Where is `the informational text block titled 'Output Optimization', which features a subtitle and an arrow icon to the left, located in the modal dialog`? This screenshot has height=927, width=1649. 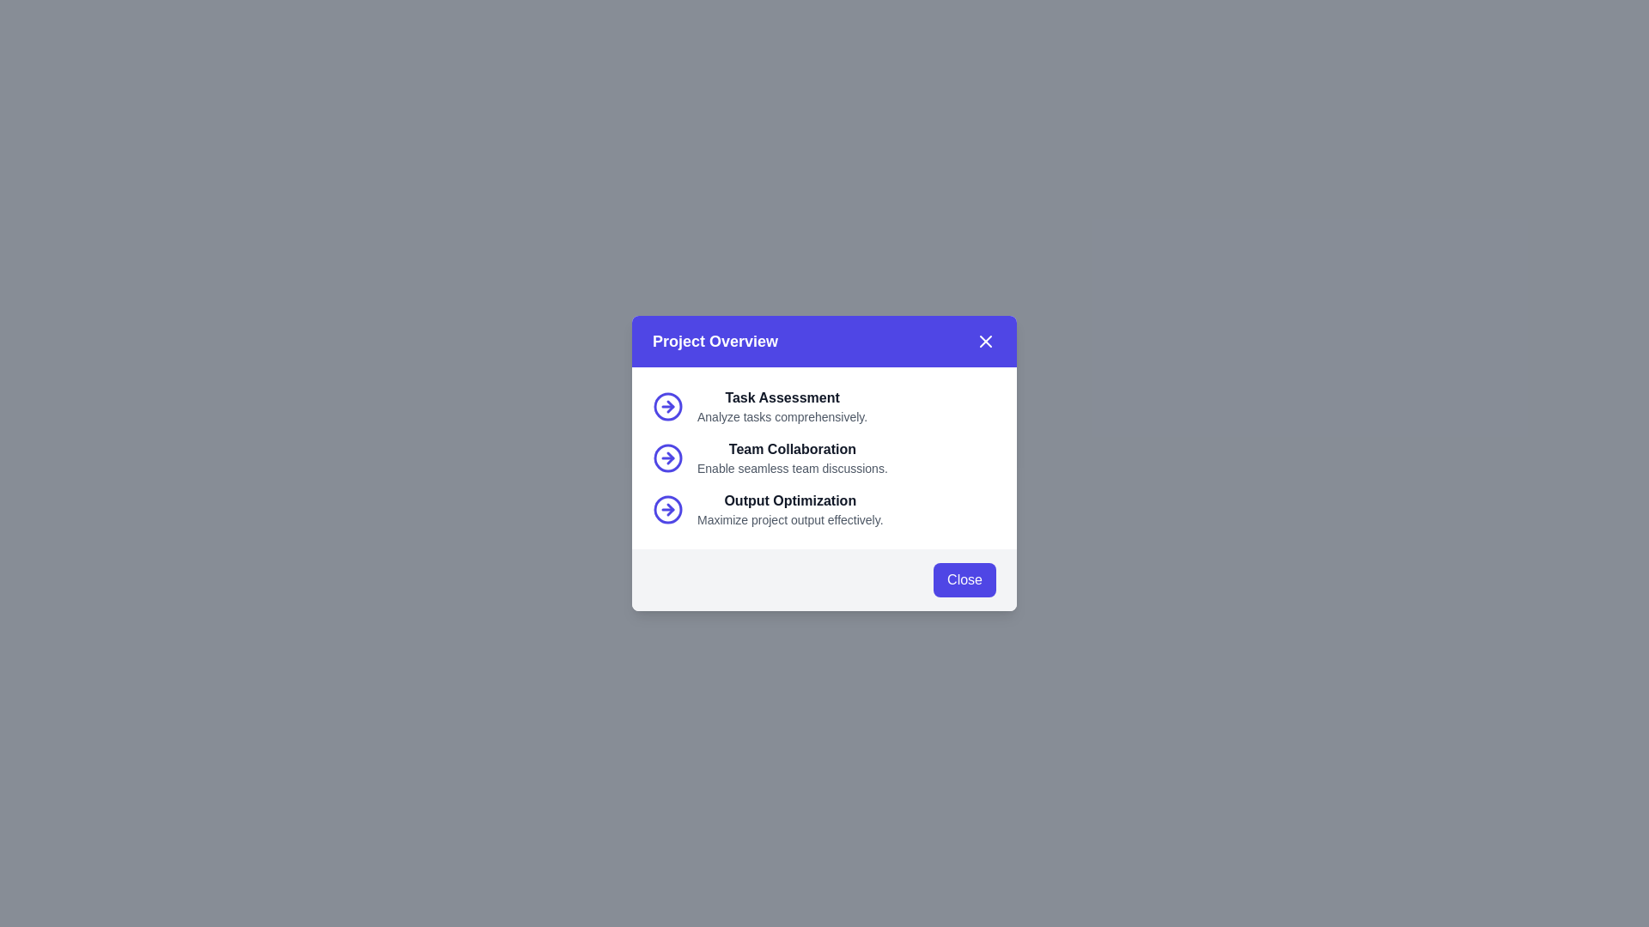 the informational text block titled 'Output Optimization', which features a subtitle and an arrow icon to the left, located in the modal dialog is located at coordinates (824, 509).